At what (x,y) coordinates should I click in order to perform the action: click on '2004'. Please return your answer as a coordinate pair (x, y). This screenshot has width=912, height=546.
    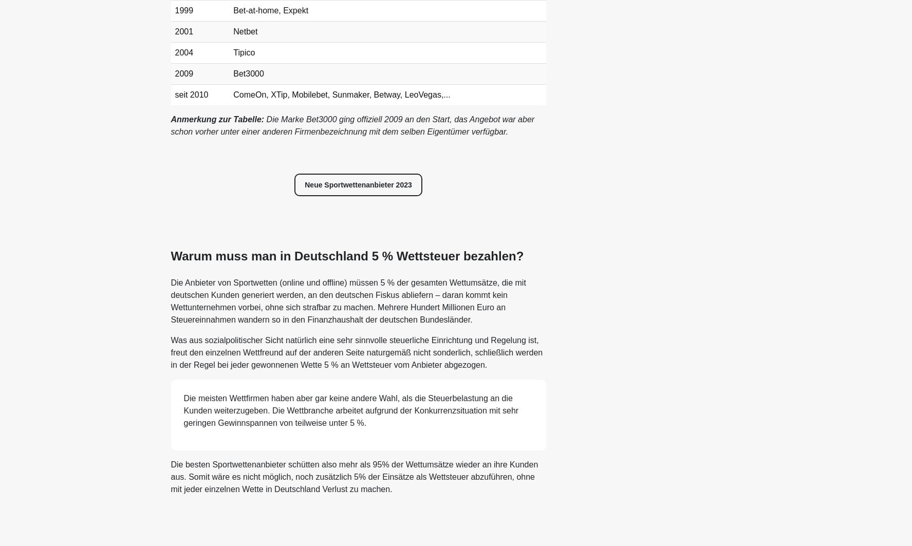
    Looking at the image, I should click on (183, 52).